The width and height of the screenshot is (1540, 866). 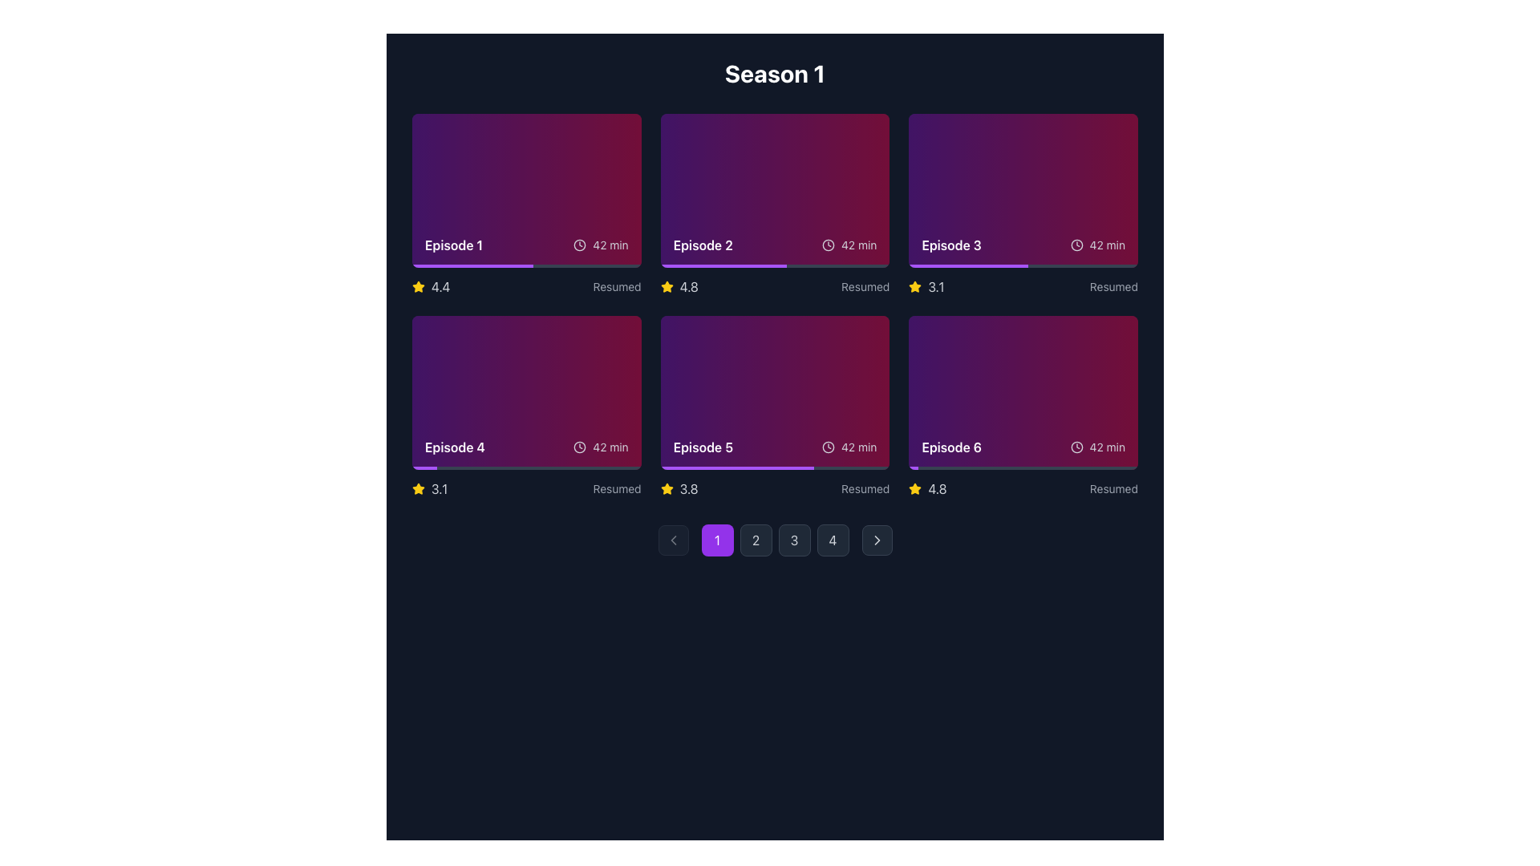 I want to click on text displayed on the Label with a compact clock icon showing '42 min', located in the Episode 3 tile on the top right, so click(x=1096, y=245).